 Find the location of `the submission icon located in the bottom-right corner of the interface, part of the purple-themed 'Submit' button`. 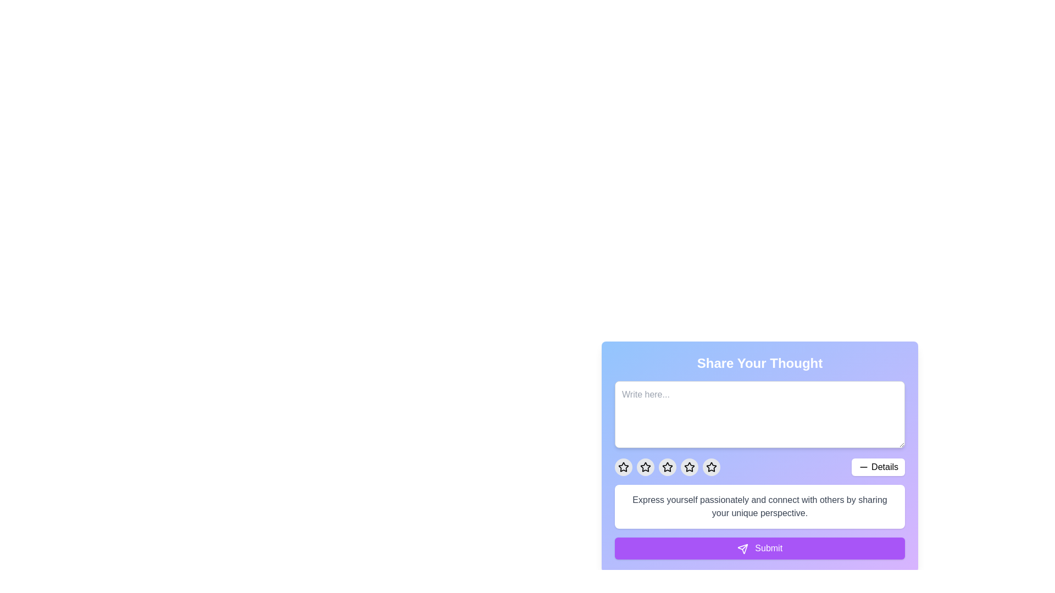

the submission icon located in the bottom-right corner of the interface, part of the purple-themed 'Submit' button is located at coordinates (742, 549).